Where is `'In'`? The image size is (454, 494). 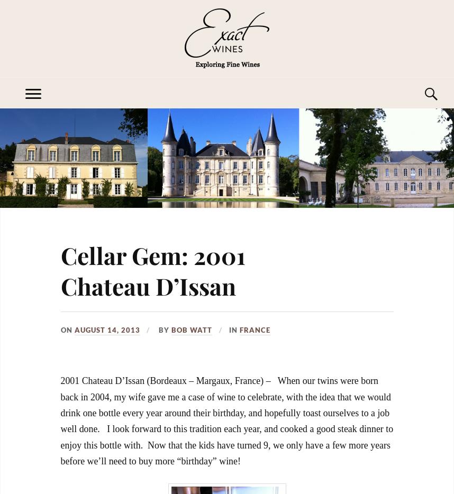 'In' is located at coordinates (234, 329).